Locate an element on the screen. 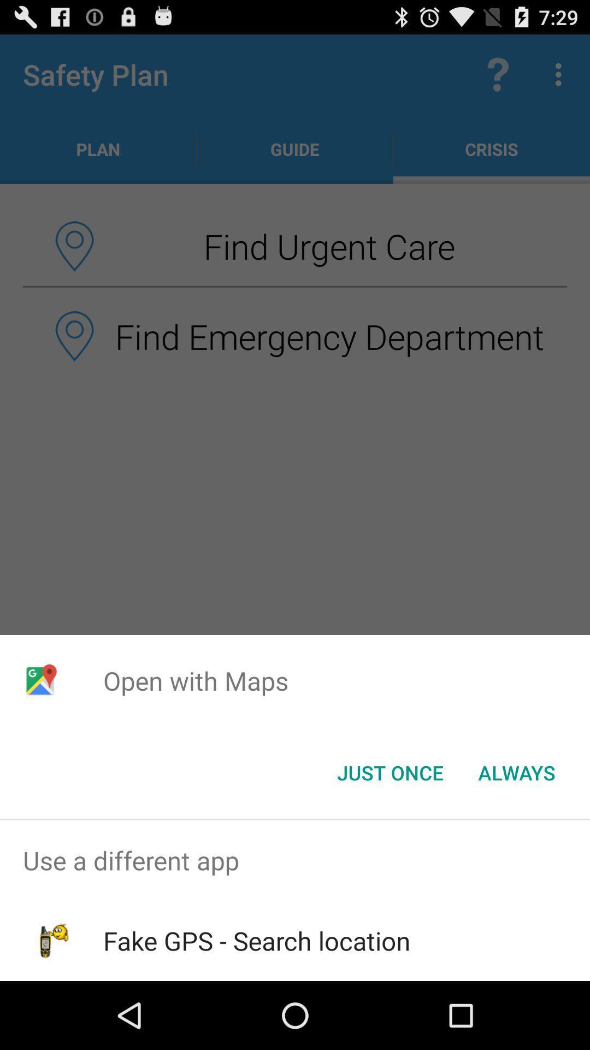  the just once icon is located at coordinates (390, 772).